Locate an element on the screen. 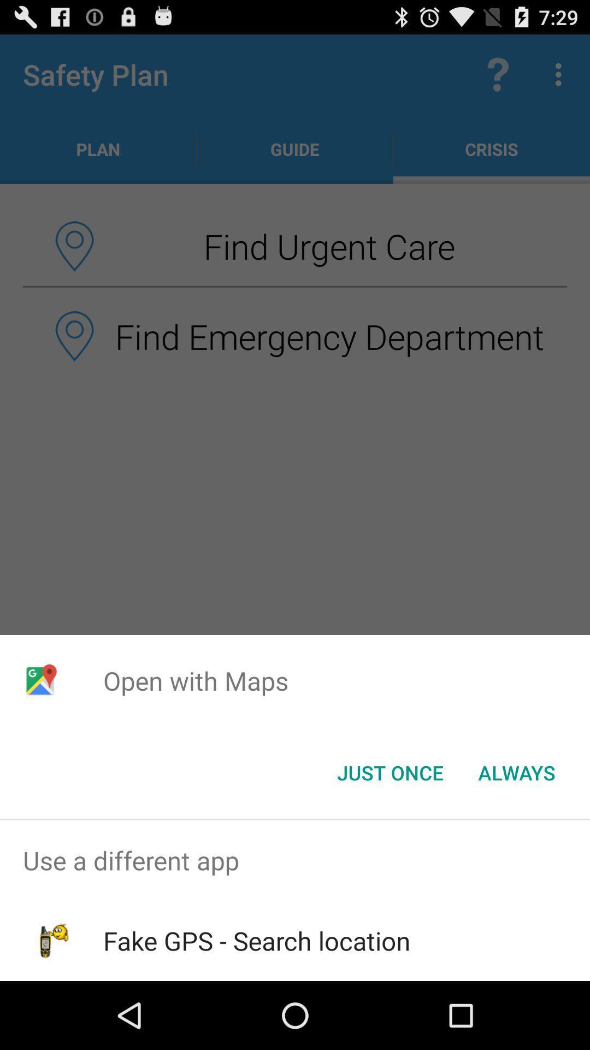  the just once icon is located at coordinates (390, 772).